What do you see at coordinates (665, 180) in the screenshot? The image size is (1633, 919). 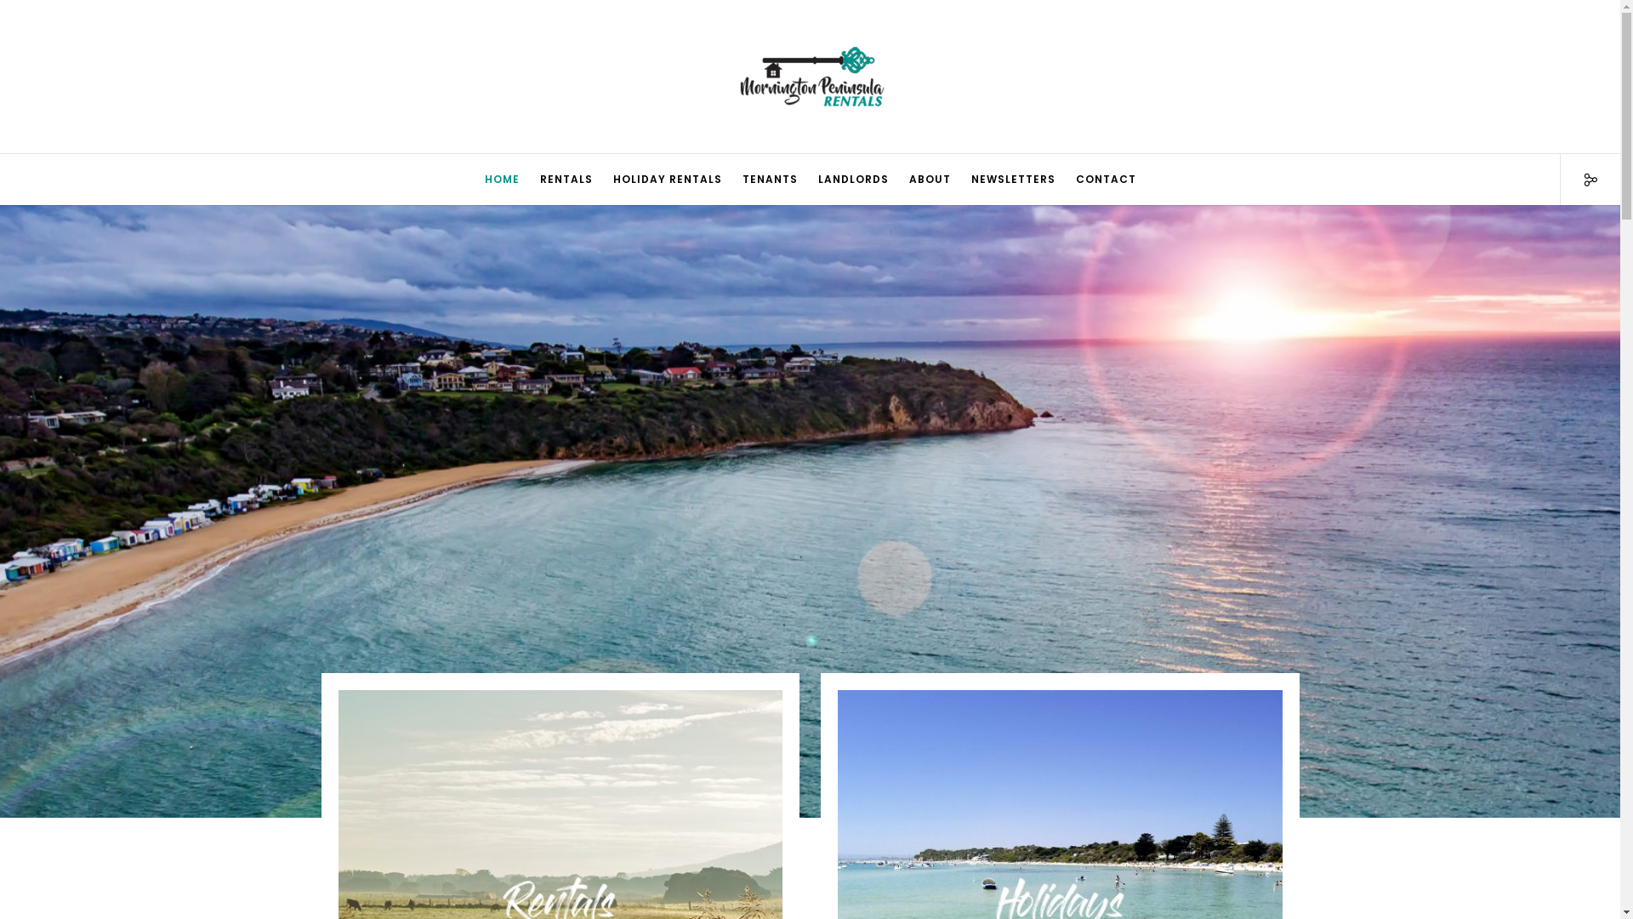 I see `'HOLIDAY RENTALS'` at bounding box center [665, 180].